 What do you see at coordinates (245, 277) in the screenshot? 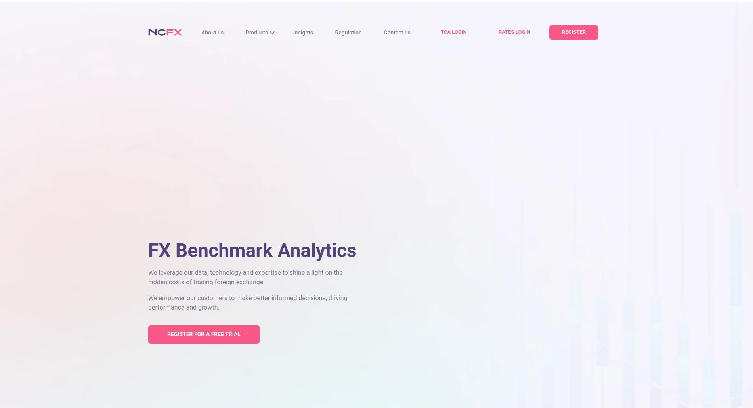
I see `'We leverage our data, technology and expertise to shine a light on the hidden costs of trading foreign exchange.'` at bounding box center [245, 277].